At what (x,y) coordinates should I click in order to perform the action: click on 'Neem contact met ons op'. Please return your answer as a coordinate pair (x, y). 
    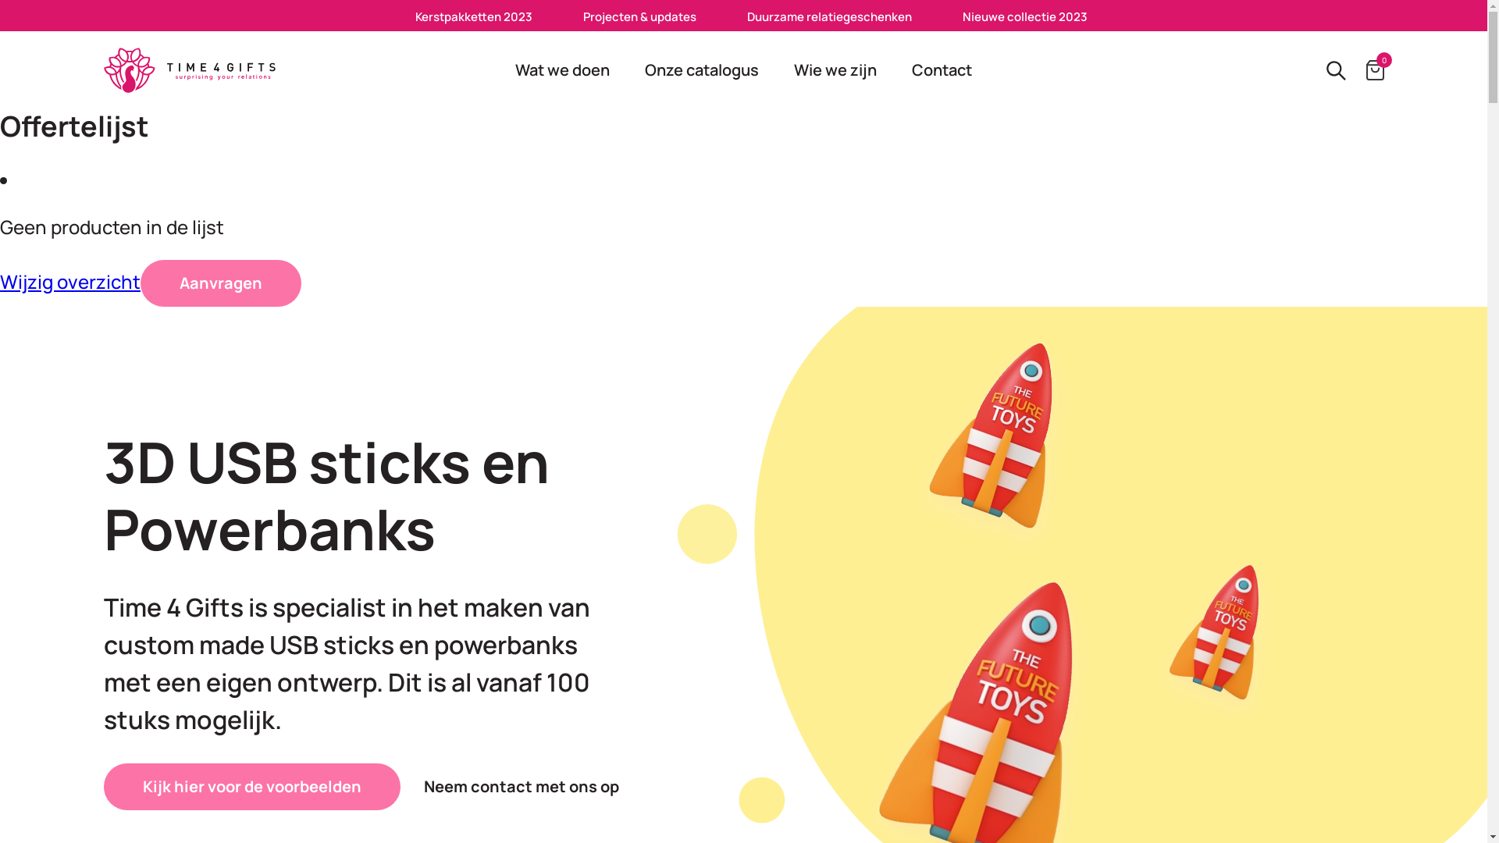
    Looking at the image, I should click on (521, 786).